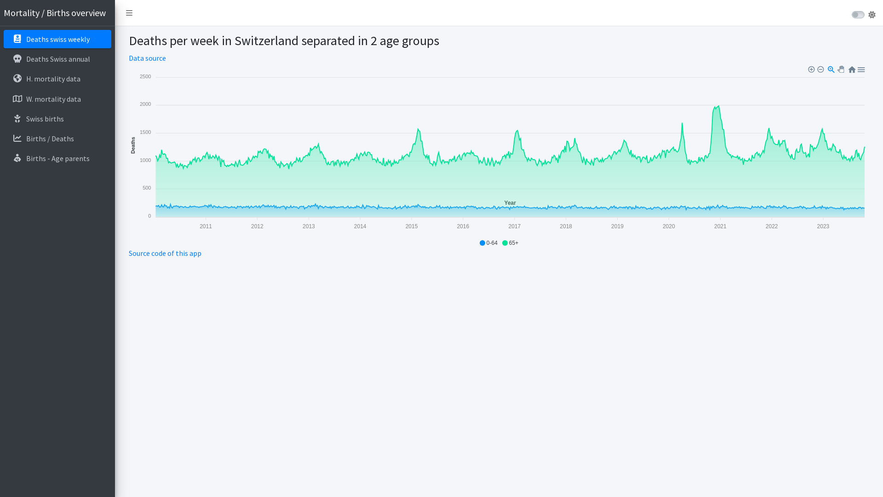 The image size is (883, 497). What do you see at coordinates (851, 68) in the screenshot?
I see `'Reset Zoom'` at bounding box center [851, 68].